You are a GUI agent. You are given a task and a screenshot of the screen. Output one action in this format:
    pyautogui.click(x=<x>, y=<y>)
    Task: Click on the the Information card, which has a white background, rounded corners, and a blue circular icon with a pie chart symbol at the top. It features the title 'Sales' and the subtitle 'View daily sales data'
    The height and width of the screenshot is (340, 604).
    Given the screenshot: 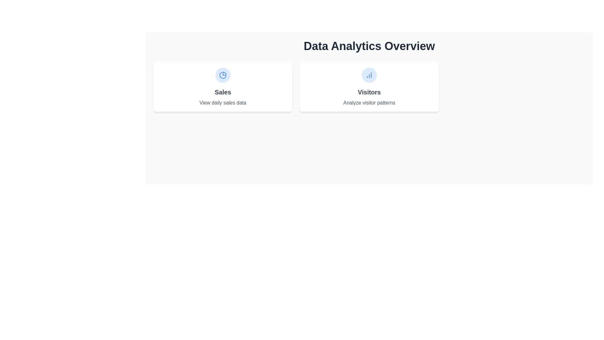 What is the action you would take?
    pyautogui.click(x=223, y=87)
    